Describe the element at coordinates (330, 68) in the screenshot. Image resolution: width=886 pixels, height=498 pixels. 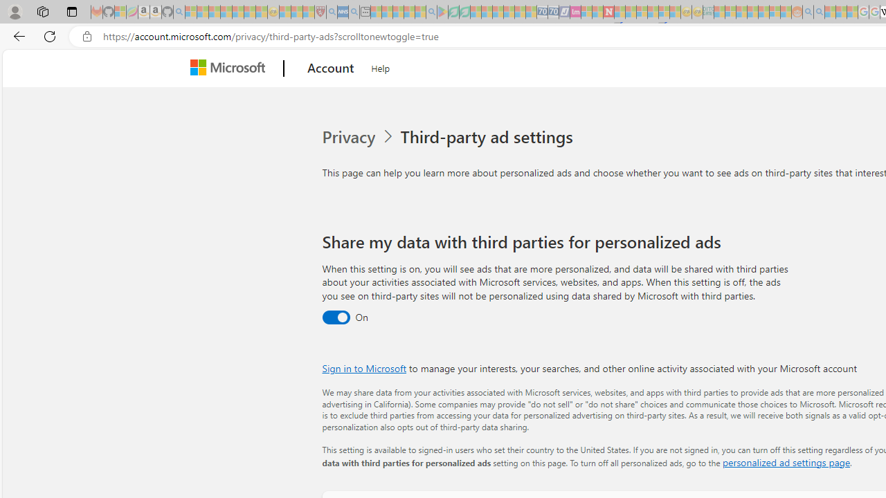
I see `'Account'` at that location.